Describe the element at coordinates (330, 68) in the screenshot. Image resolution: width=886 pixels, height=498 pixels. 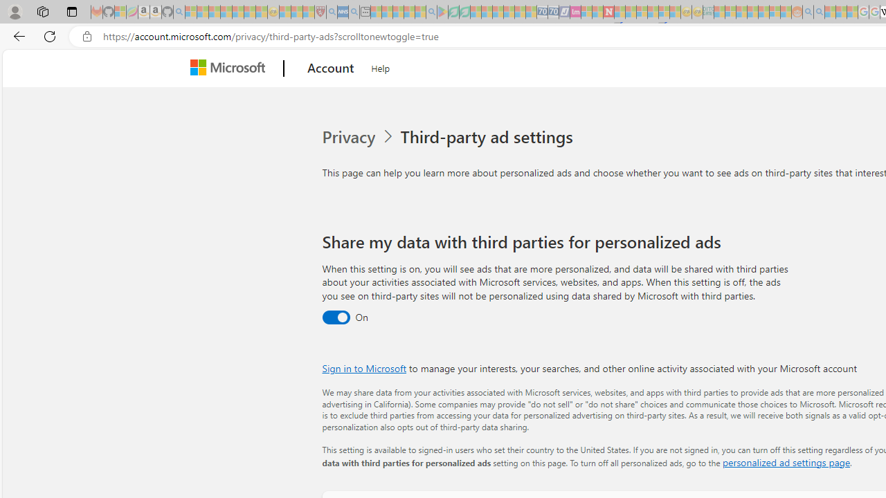
I see `'Account'` at that location.